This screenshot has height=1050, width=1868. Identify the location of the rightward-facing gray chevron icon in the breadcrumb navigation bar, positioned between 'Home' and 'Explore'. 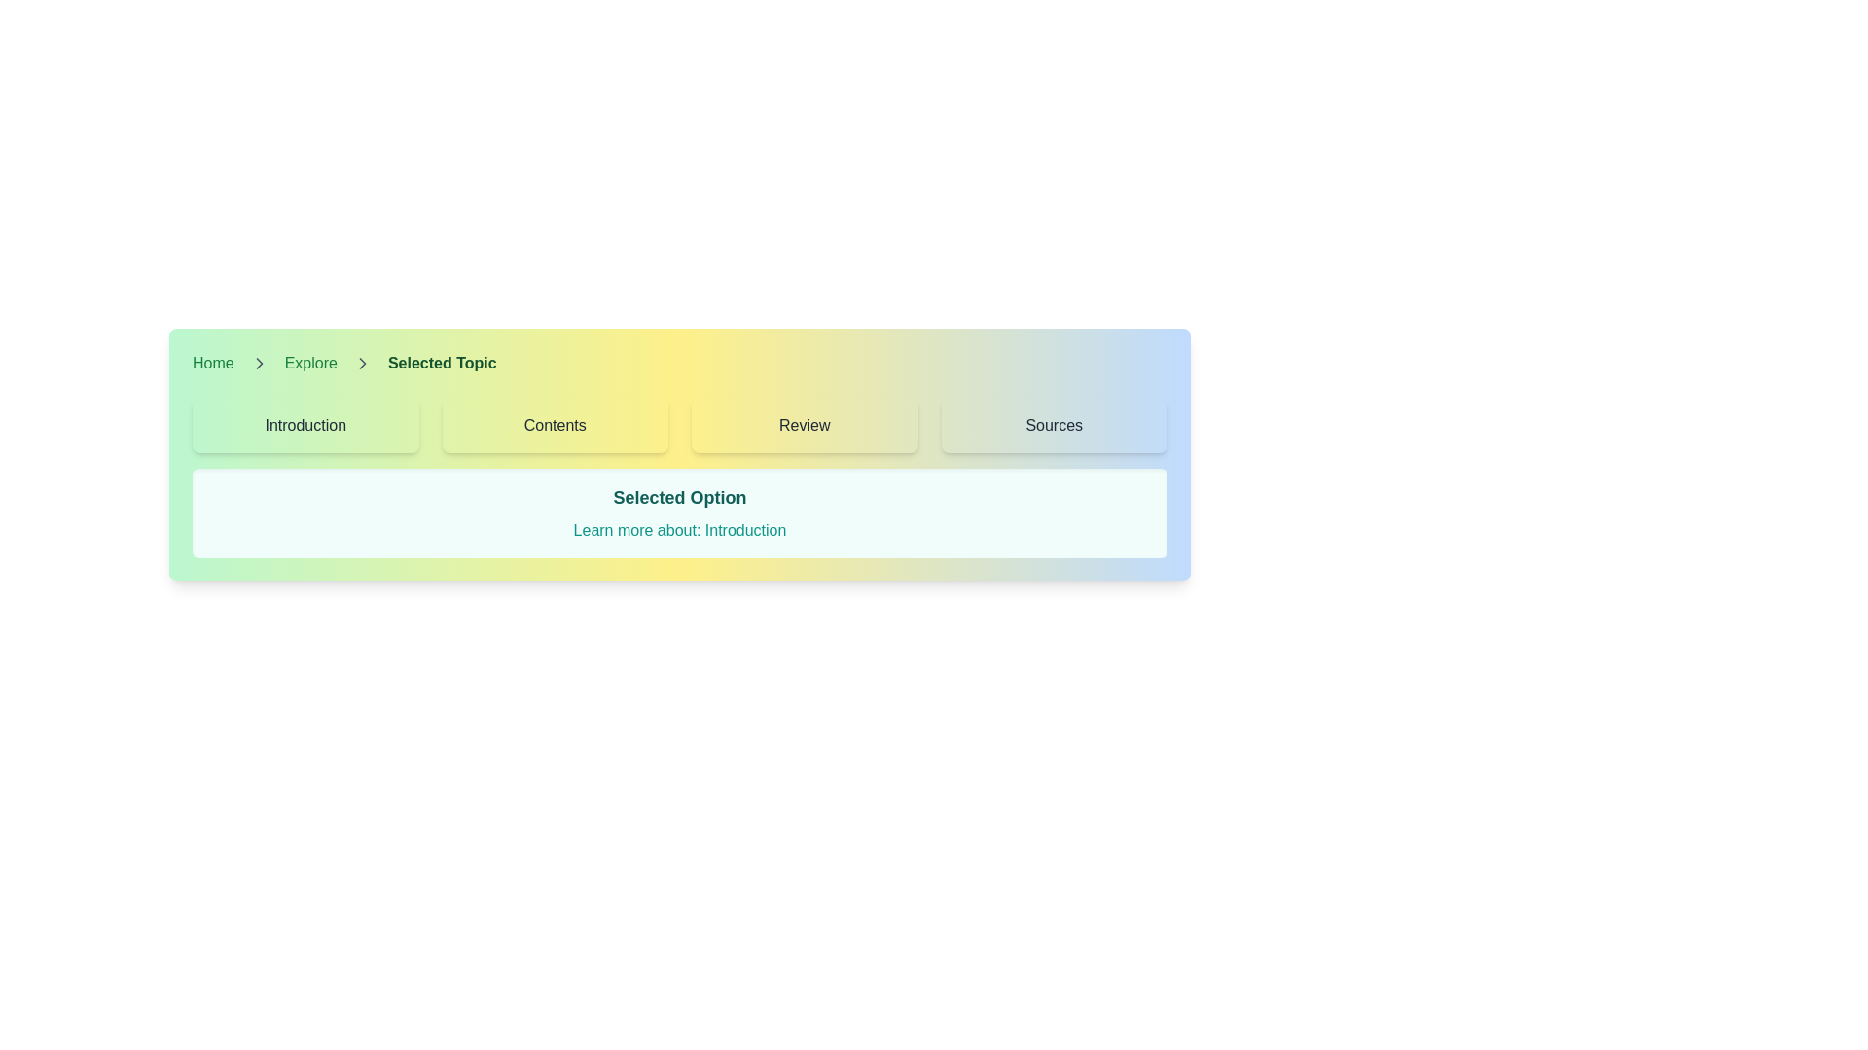
(258, 364).